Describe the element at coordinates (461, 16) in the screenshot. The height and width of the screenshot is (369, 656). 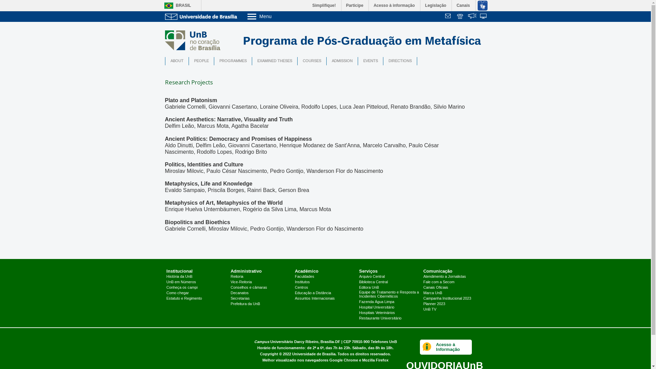
I see `' '` at that location.